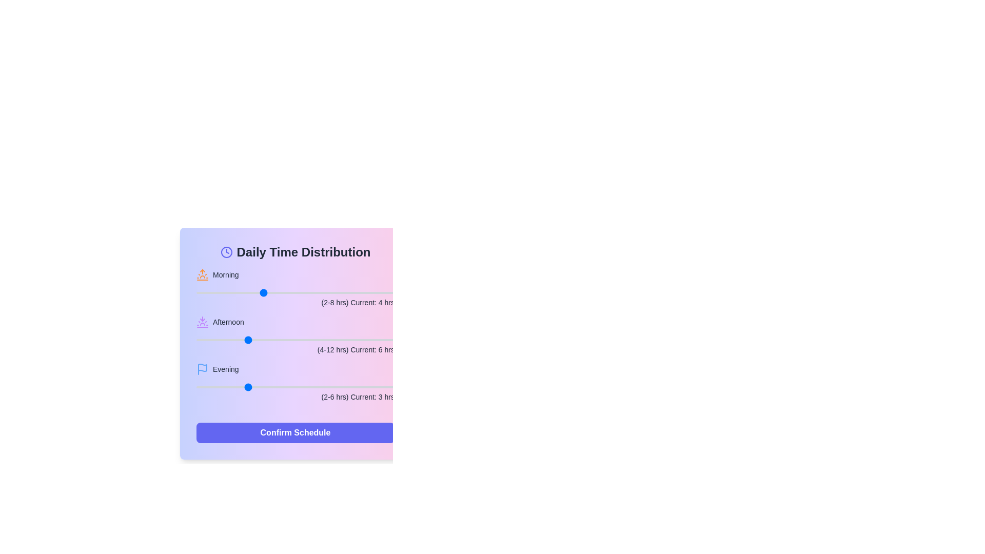 Image resolution: width=985 pixels, height=554 pixels. I want to click on the slider located under the 'Morning' label, which is represented as a gray rectangular slider bar labeled 'Current: 4 hrs', for fine adjustments using the keyboard, so click(295, 292).